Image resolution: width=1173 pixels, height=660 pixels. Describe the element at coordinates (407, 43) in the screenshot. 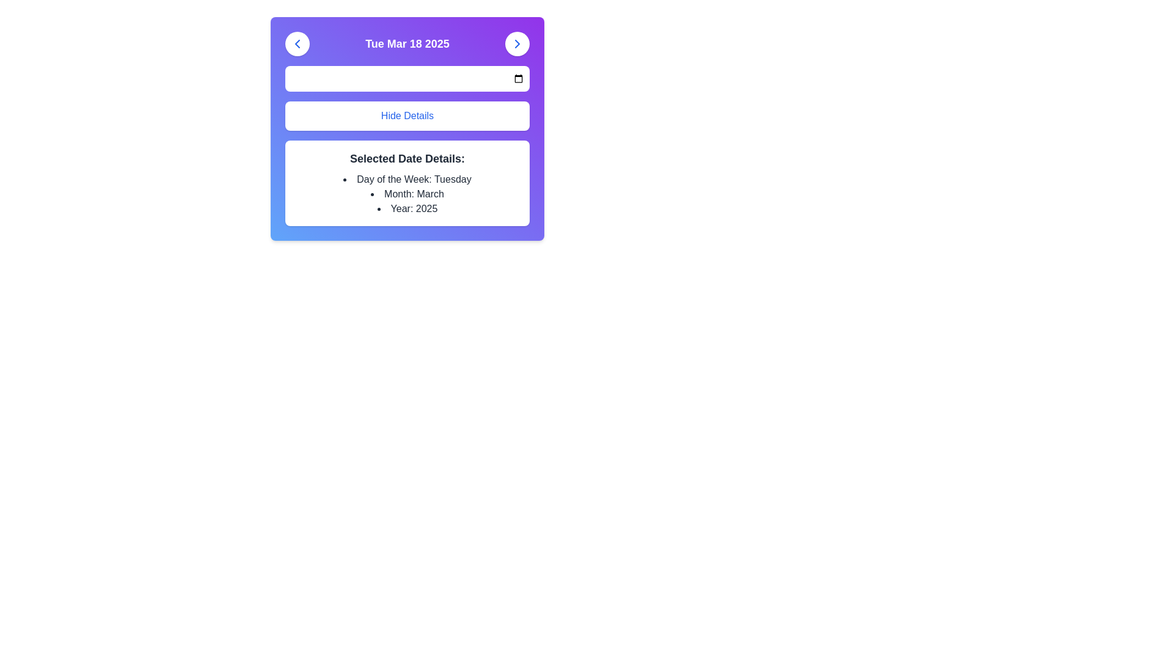

I see `the text label displaying the date 'Tue Mar 18 2025' which is centered in the top section of the UI with a purple background` at that location.